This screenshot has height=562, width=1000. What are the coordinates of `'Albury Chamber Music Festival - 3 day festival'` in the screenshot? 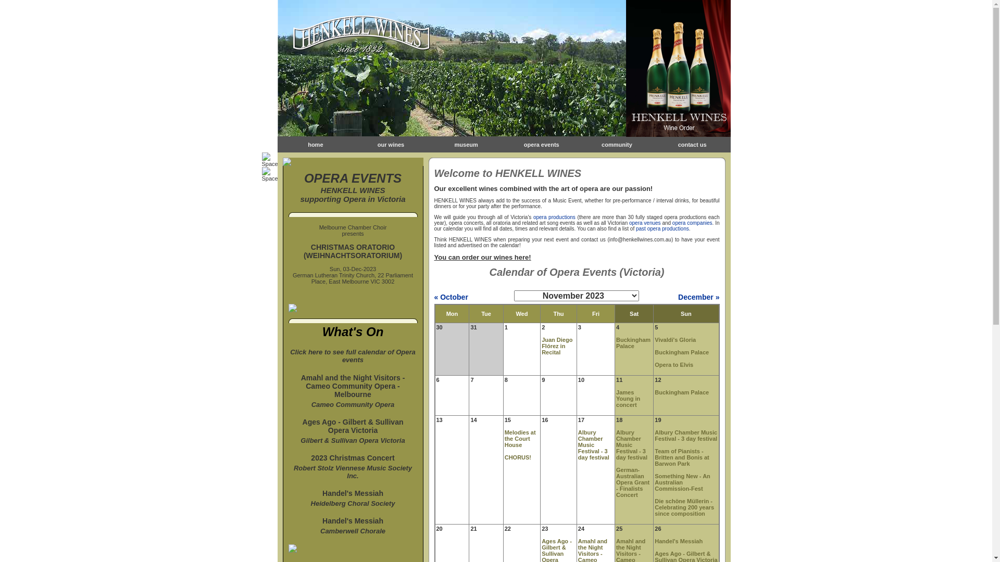 It's located at (631, 445).